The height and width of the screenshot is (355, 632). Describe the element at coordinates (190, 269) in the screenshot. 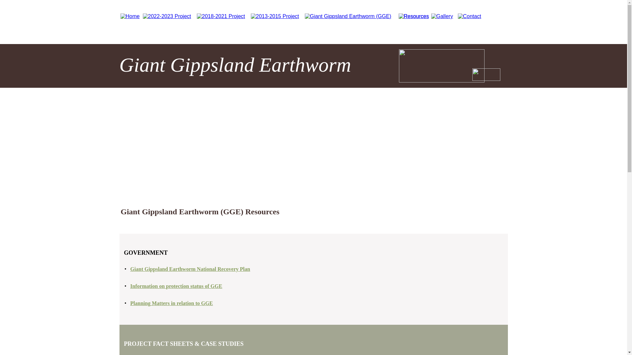

I see `'Giant Gippsland Earthworm National Recovery Plan'` at that location.